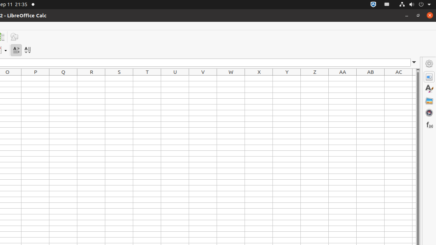  What do you see at coordinates (429, 88) in the screenshot?
I see `'Styles'` at bounding box center [429, 88].